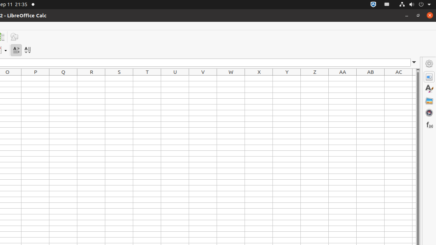  What do you see at coordinates (429, 88) in the screenshot?
I see `'Styles'` at bounding box center [429, 88].